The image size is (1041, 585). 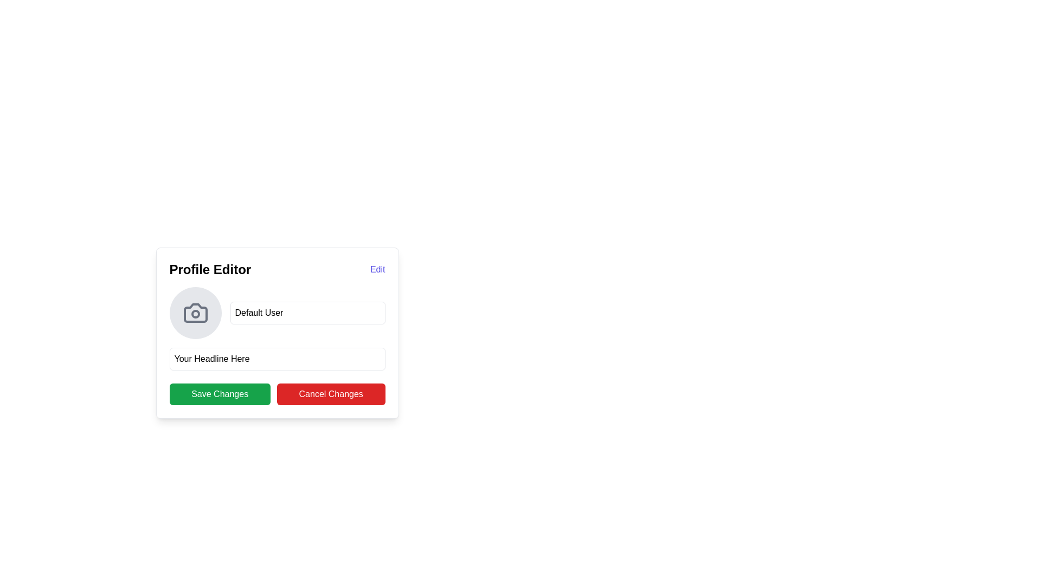 What do you see at coordinates (377, 269) in the screenshot?
I see `the 'Edit' button located at the upper-right corner of the 'Profile Editor' section` at bounding box center [377, 269].